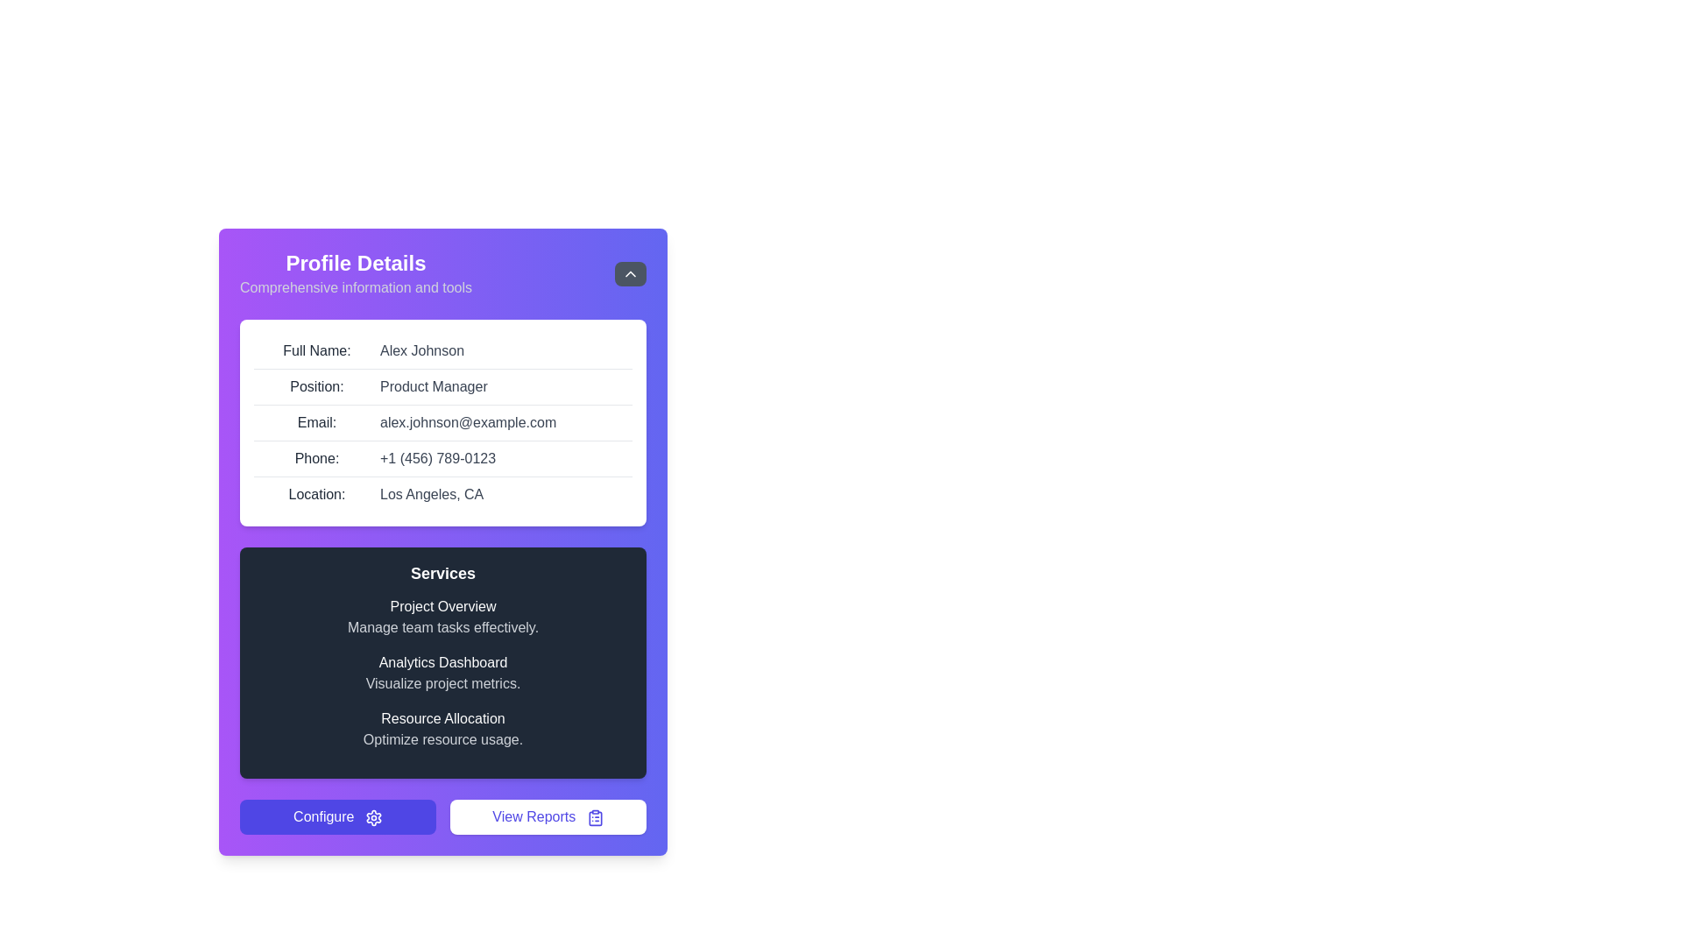 The image size is (1682, 946). What do you see at coordinates (316, 422) in the screenshot?
I see `the text label that signifies the adjacent email address, located in the left portion of the 'Profile Details' panel, above the 'Phone:' data row and below the 'Position:' data row` at bounding box center [316, 422].